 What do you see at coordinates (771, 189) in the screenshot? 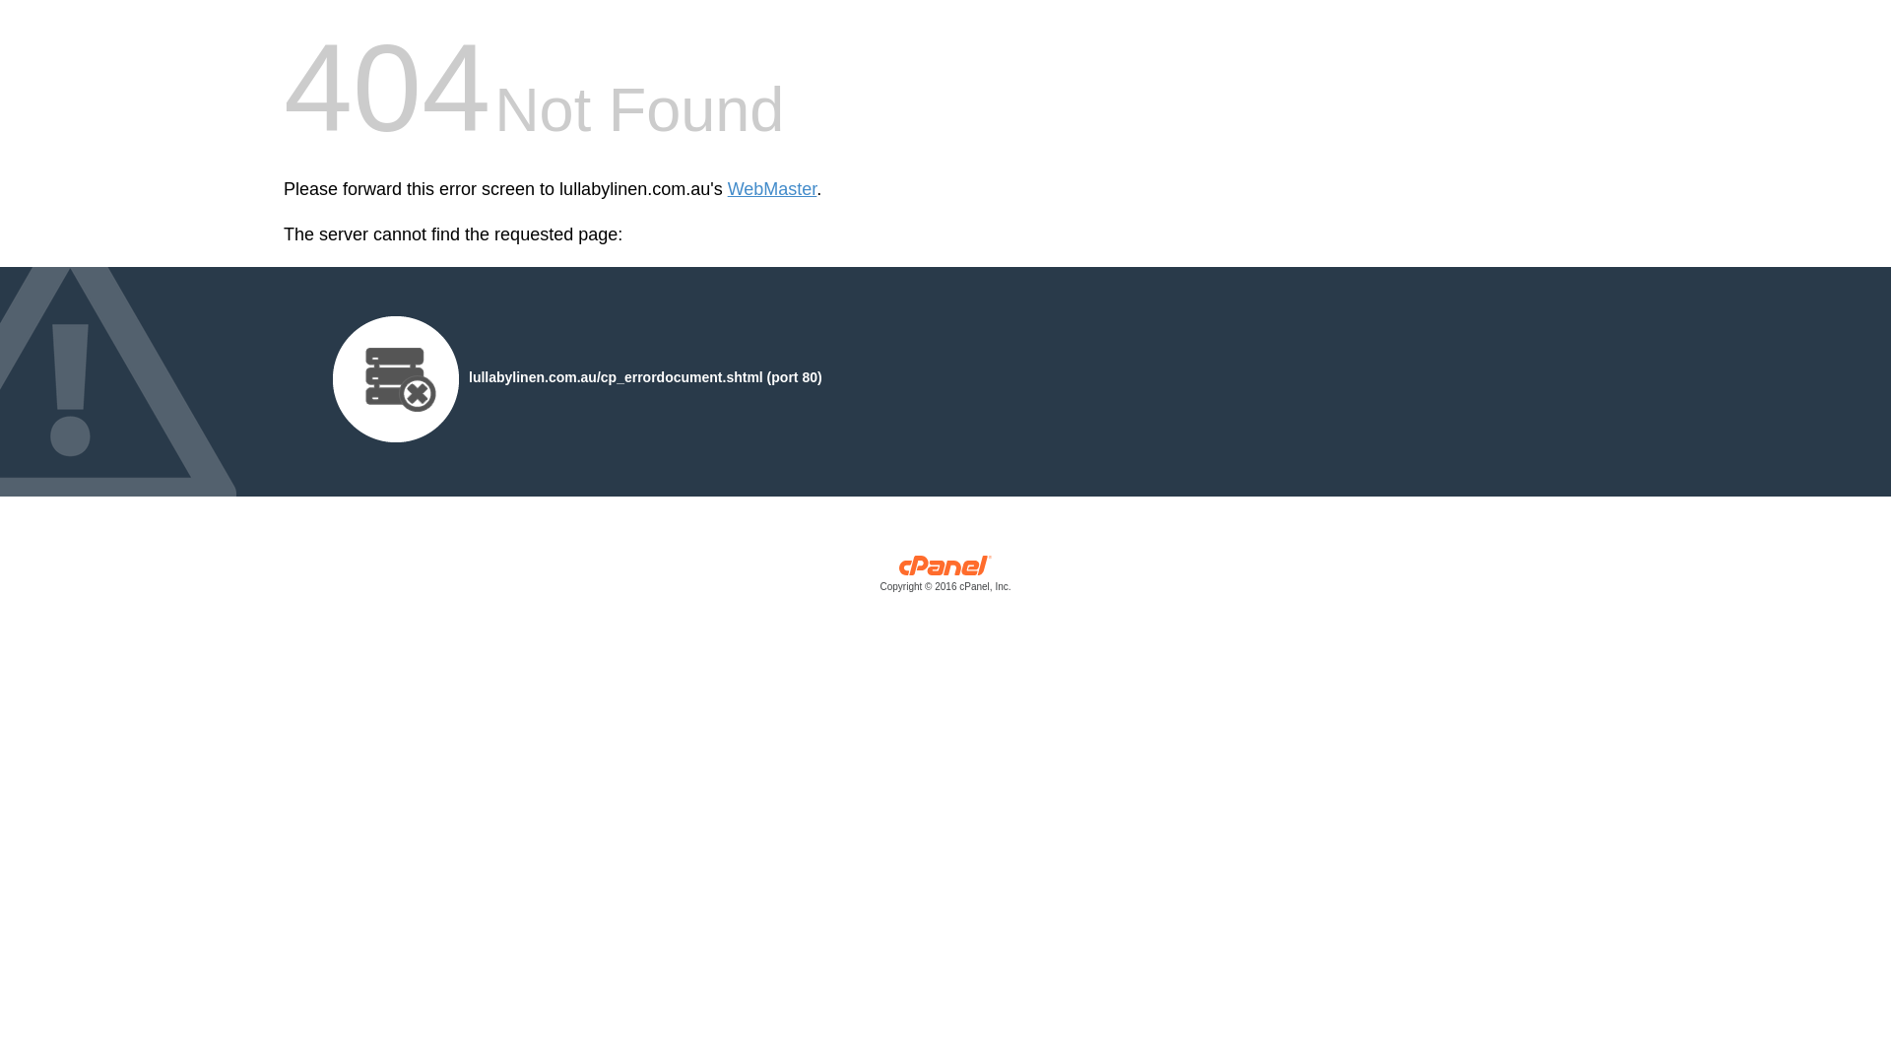
I see `'WebMaster'` at bounding box center [771, 189].